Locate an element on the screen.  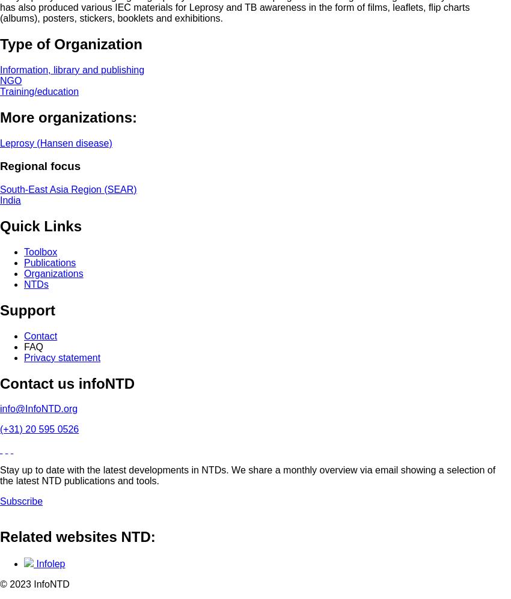
'Privacy statement' is located at coordinates (23, 356).